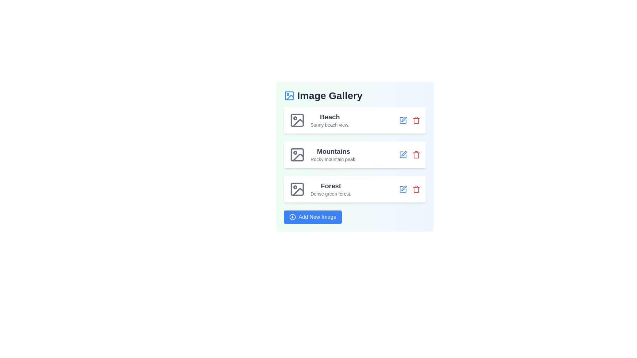 The width and height of the screenshot is (637, 358). Describe the element at coordinates (402, 120) in the screenshot. I see `edit button for the image titled 'Beach'` at that location.